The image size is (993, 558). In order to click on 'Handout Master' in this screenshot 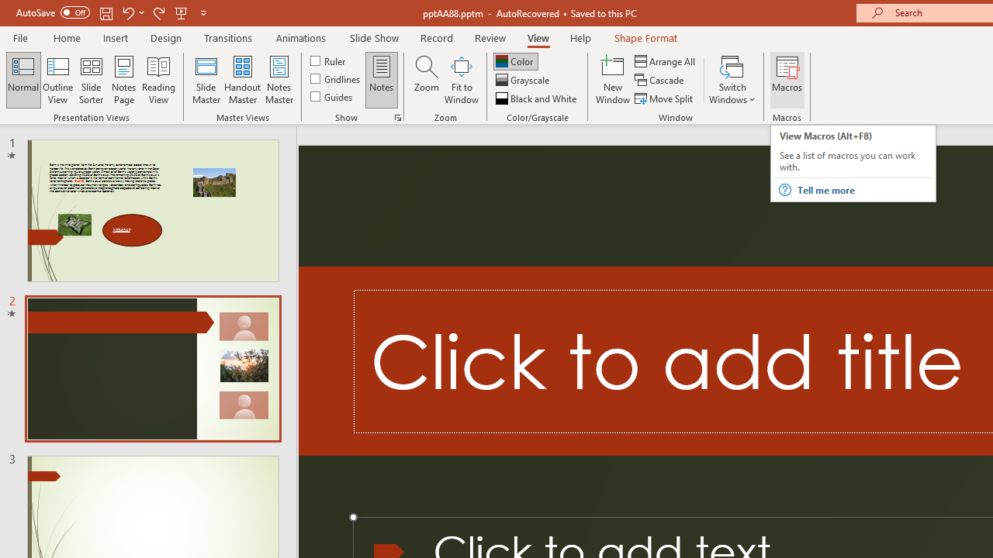, I will do `click(241, 80)`.